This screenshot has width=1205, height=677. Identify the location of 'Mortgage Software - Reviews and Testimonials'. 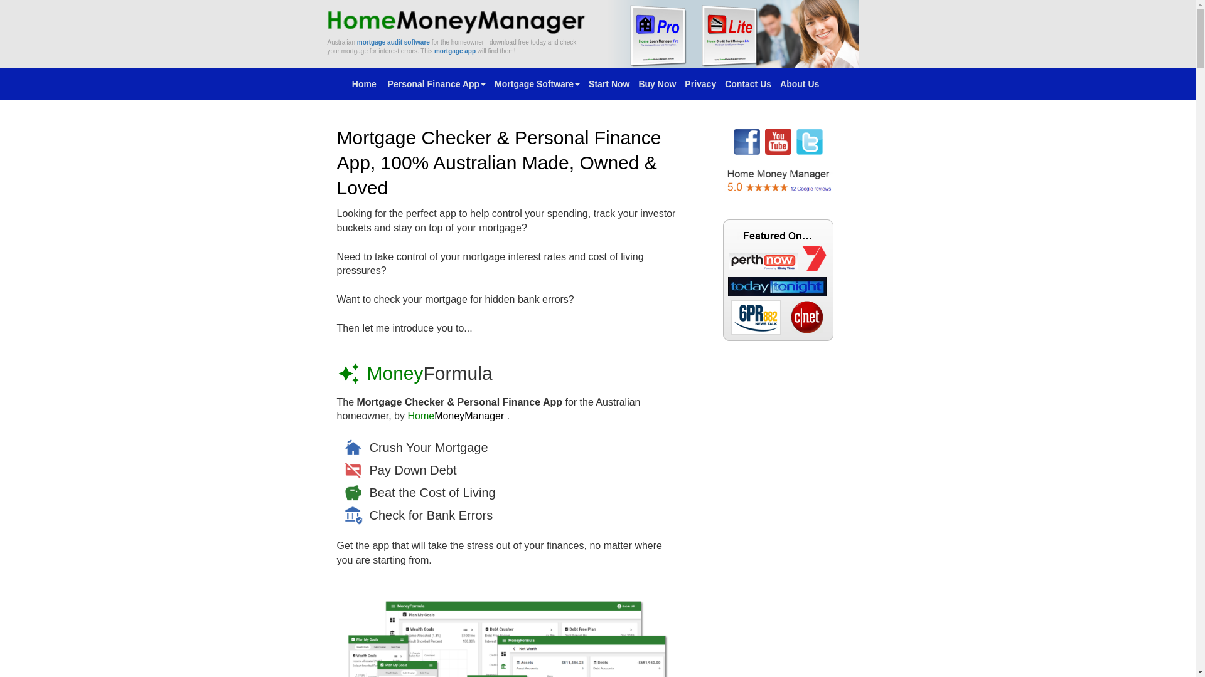
(777, 180).